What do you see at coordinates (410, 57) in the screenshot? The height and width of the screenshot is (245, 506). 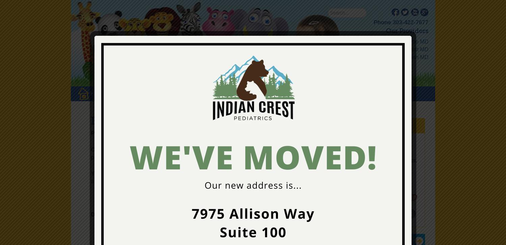 I see `'Sona Shah MD'` at bounding box center [410, 57].